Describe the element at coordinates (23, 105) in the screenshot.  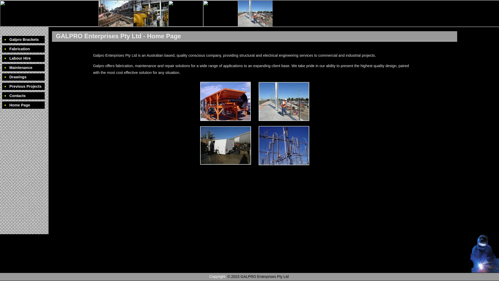
I see `'Home Page'` at that location.